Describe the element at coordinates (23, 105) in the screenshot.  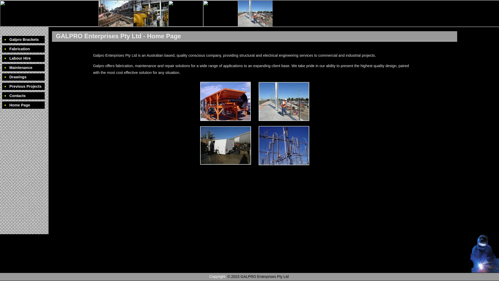
I see `'Home Page'` at that location.